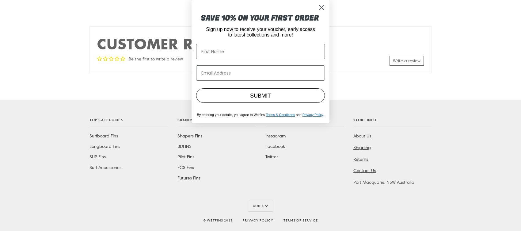 This screenshot has height=231, width=521. Describe the element at coordinates (260, 42) in the screenshot. I see `'CHF CHF'` at that location.